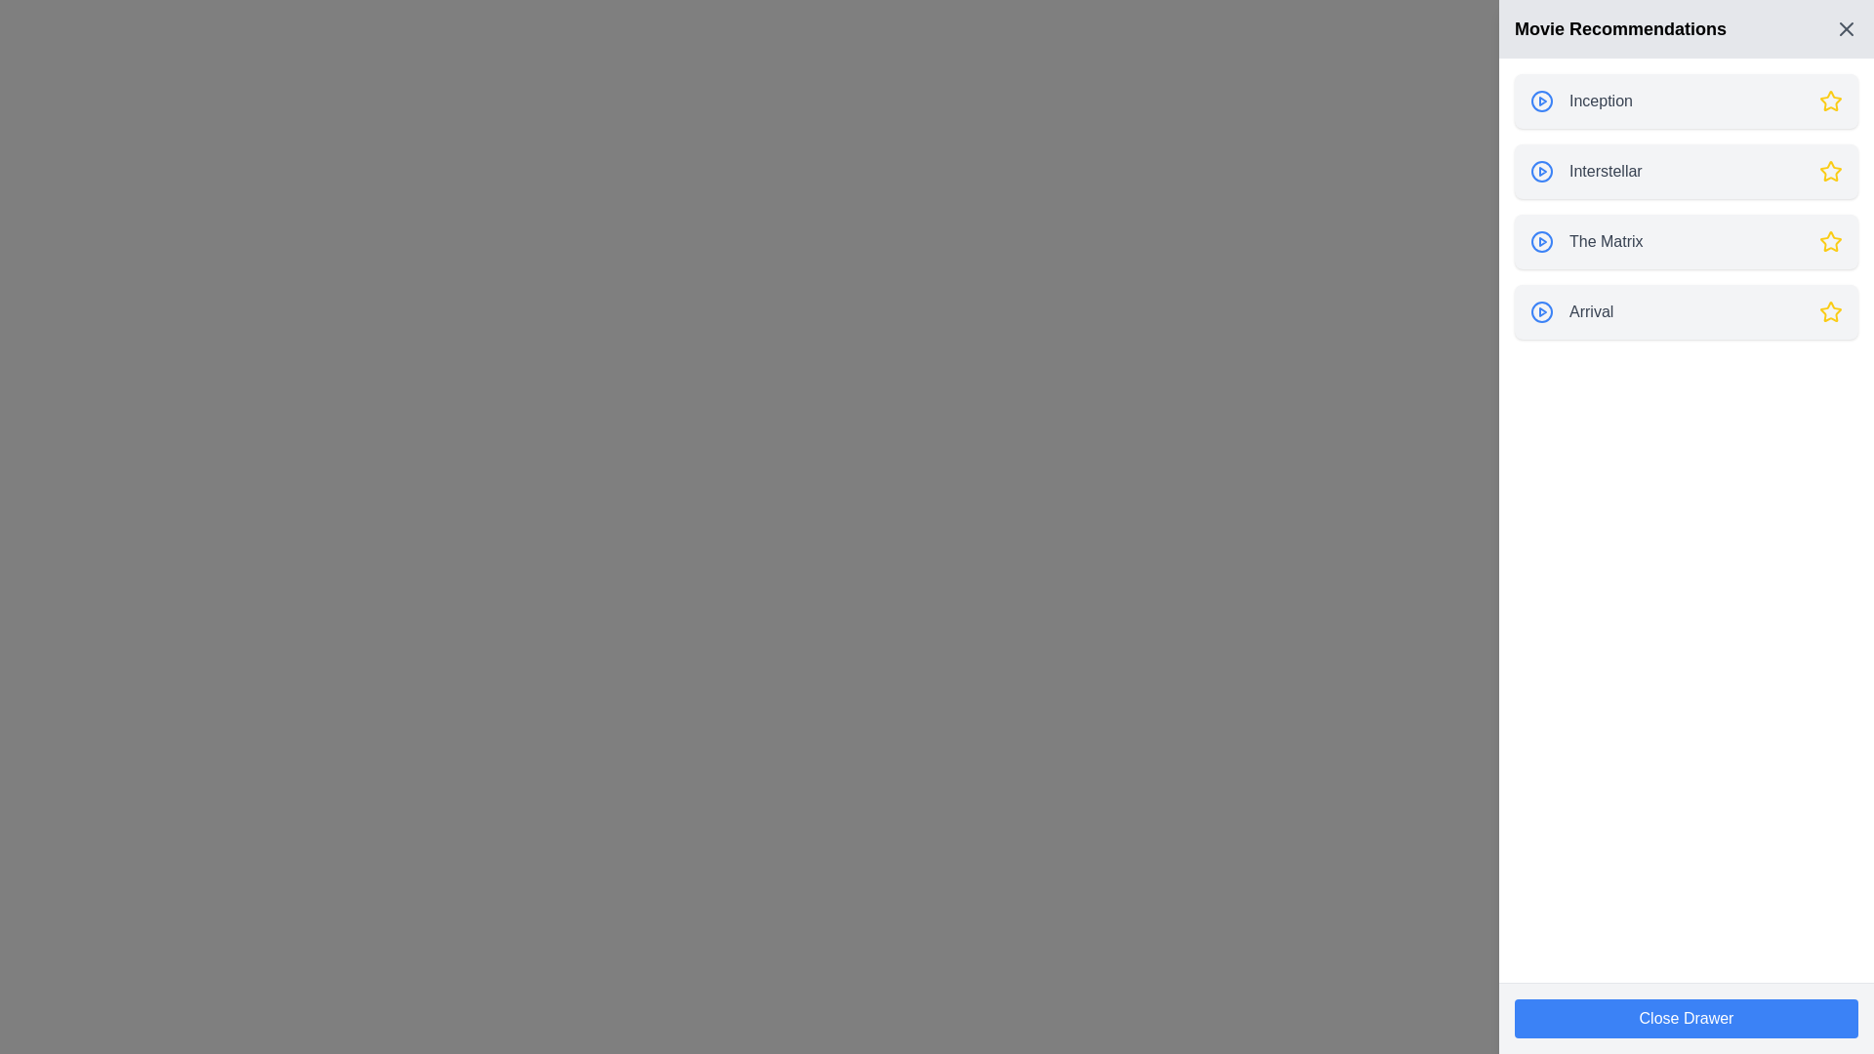 The width and height of the screenshot is (1874, 1054). Describe the element at coordinates (1540, 311) in the screenshot. I see `the play button located on the left side of the 'Arrival' title in the right side panel to possibly reveal a tooltip or animation` at that location.